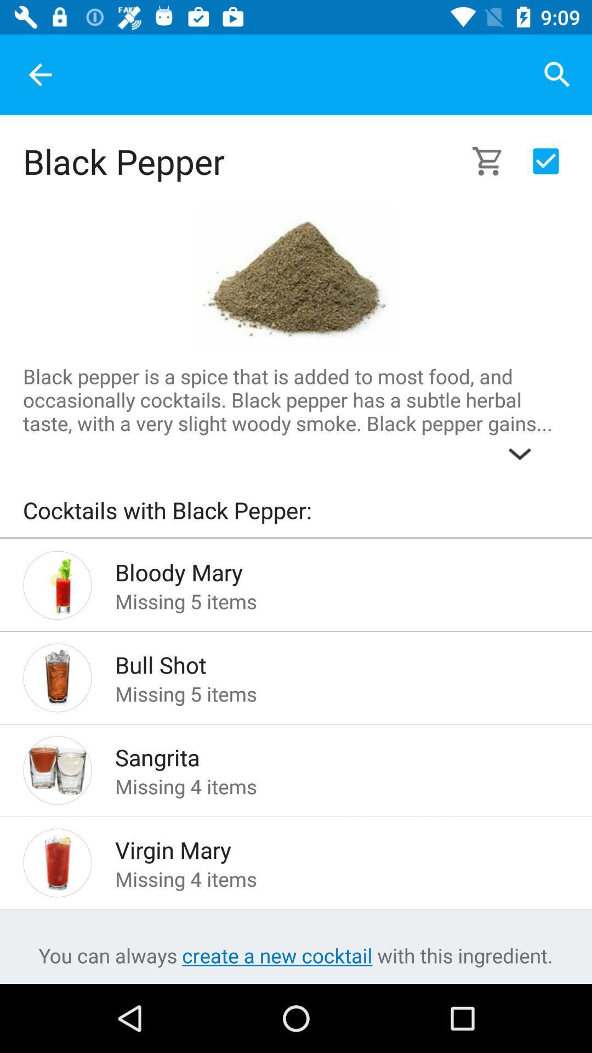 This screenshot has width=592, height=1053. What do you see at coordinates (545, 160) in the screenshot?
I see `click on the approve symbol` at bounding box center [545, 160].